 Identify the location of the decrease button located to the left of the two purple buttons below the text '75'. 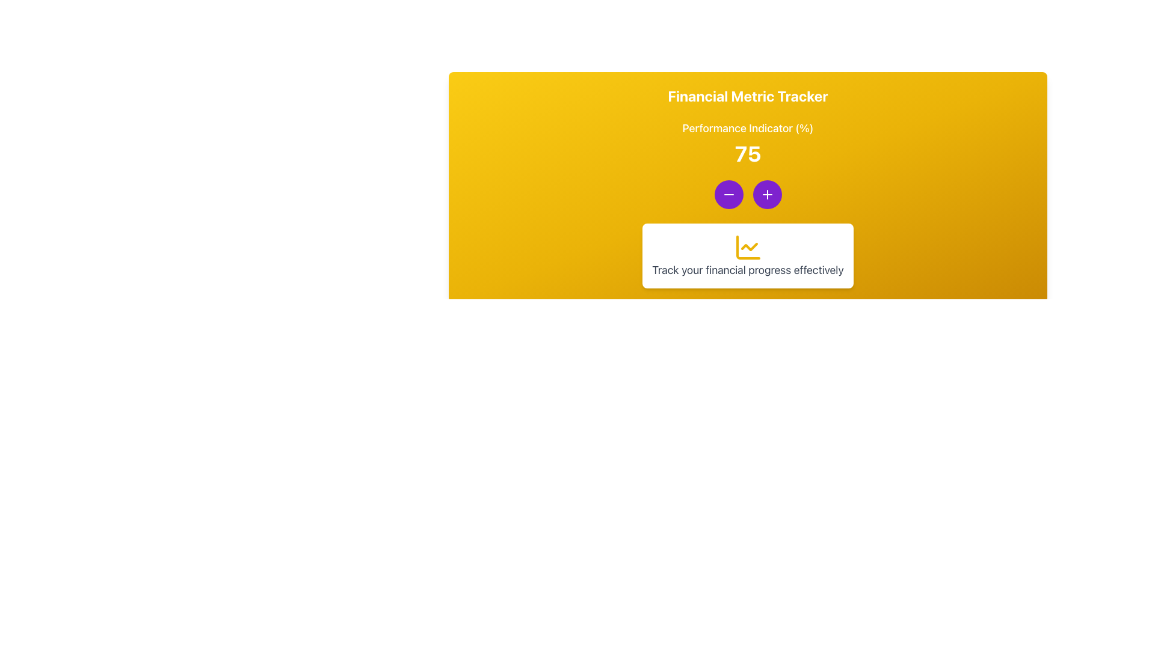
(728, 194).